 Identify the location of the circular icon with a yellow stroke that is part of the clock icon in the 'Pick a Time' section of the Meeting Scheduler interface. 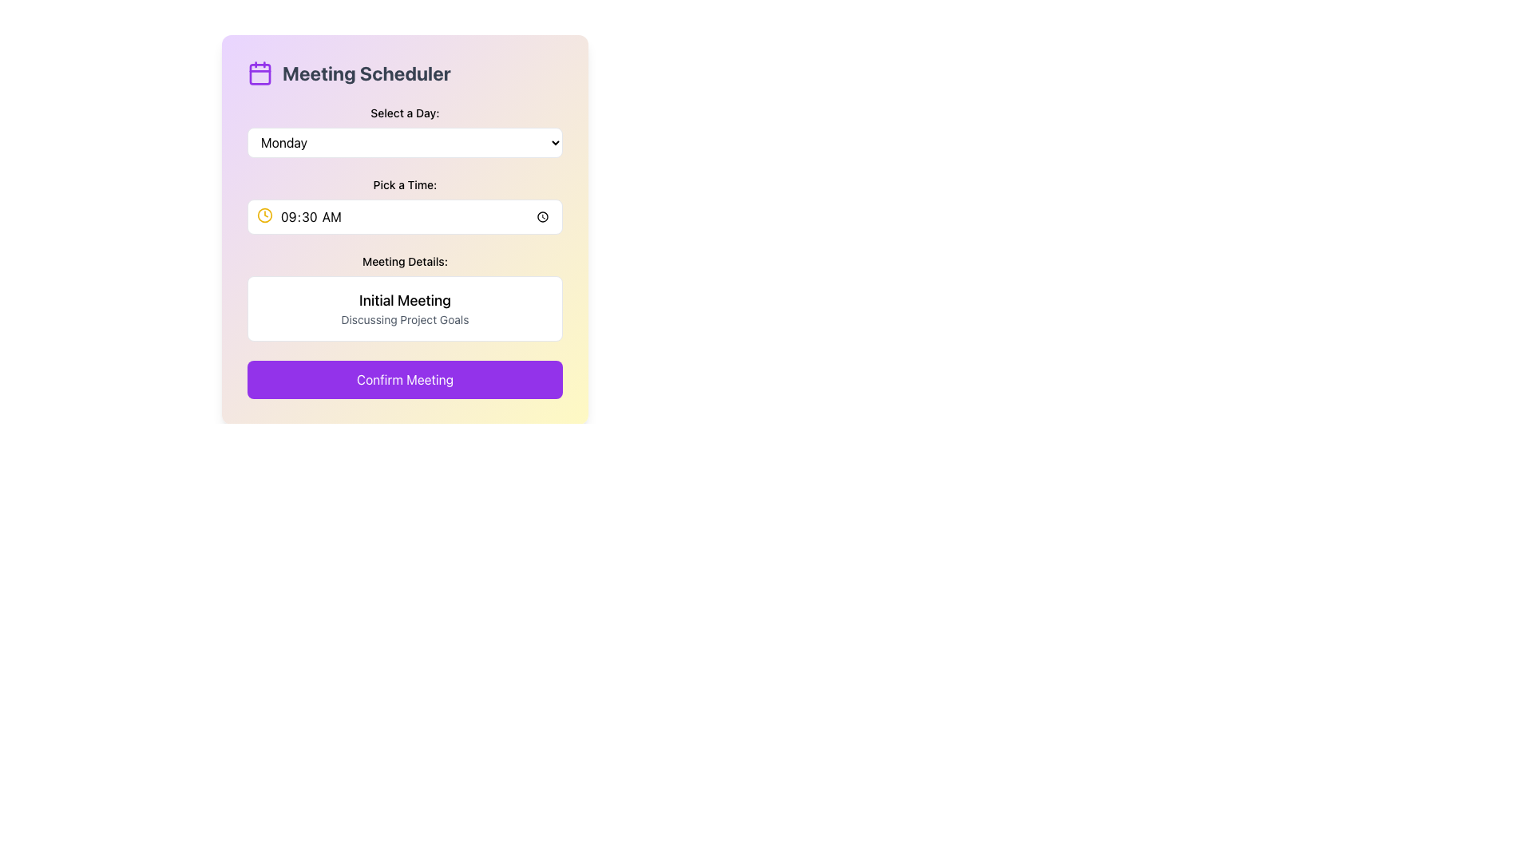
(264, 215).